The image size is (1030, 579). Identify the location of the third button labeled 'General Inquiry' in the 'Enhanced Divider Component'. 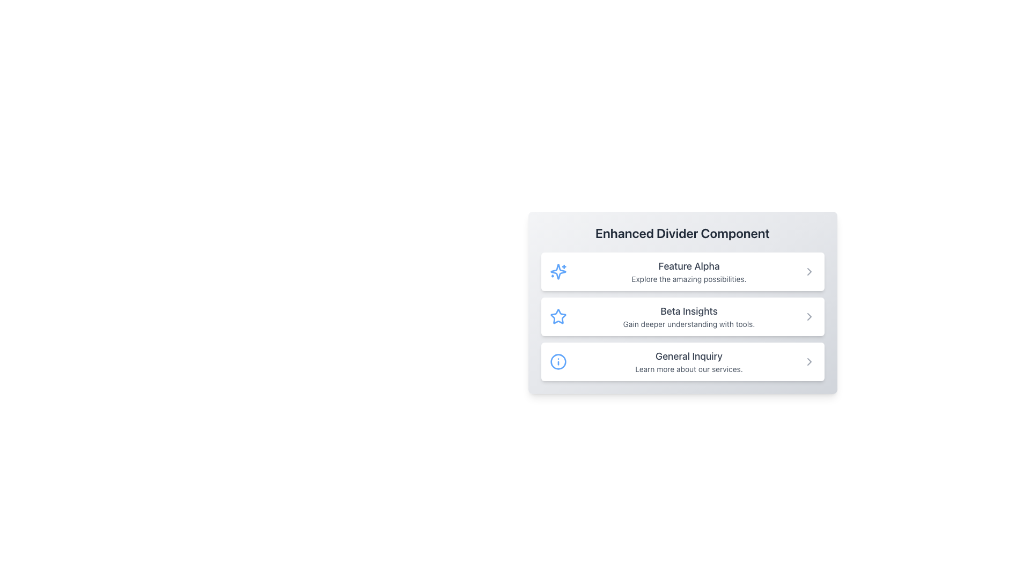
(682, 362).